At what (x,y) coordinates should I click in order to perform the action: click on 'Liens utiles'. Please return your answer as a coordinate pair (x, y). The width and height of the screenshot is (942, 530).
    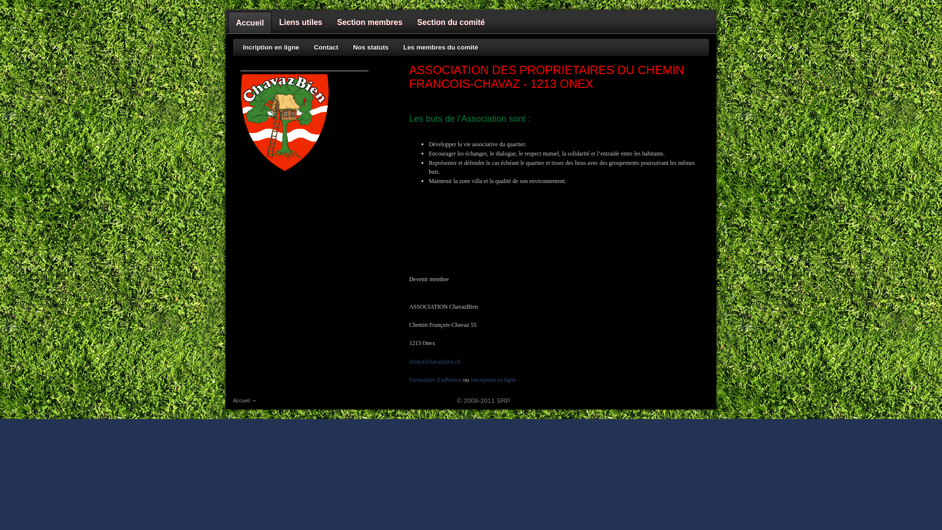
    Looking at the image, I should click on (300, 22).